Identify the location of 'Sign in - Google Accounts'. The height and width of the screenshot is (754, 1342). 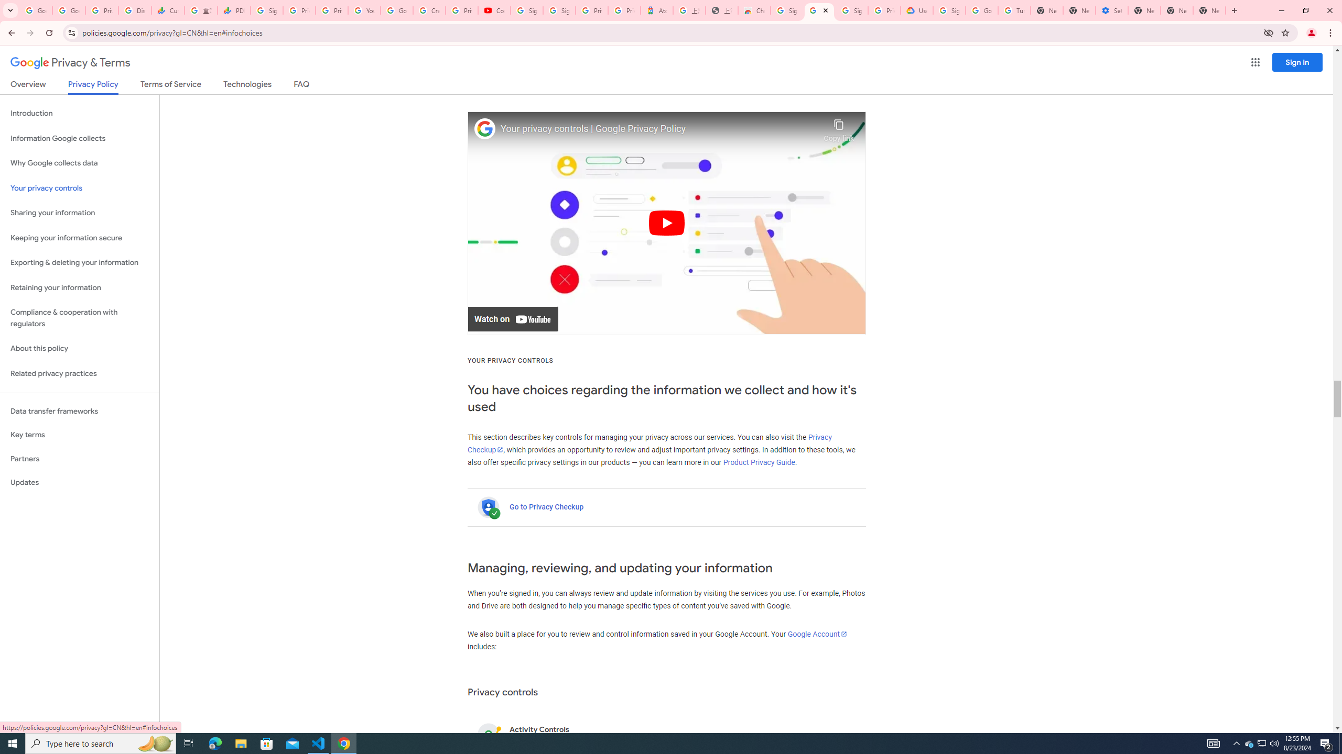
(558, 10).